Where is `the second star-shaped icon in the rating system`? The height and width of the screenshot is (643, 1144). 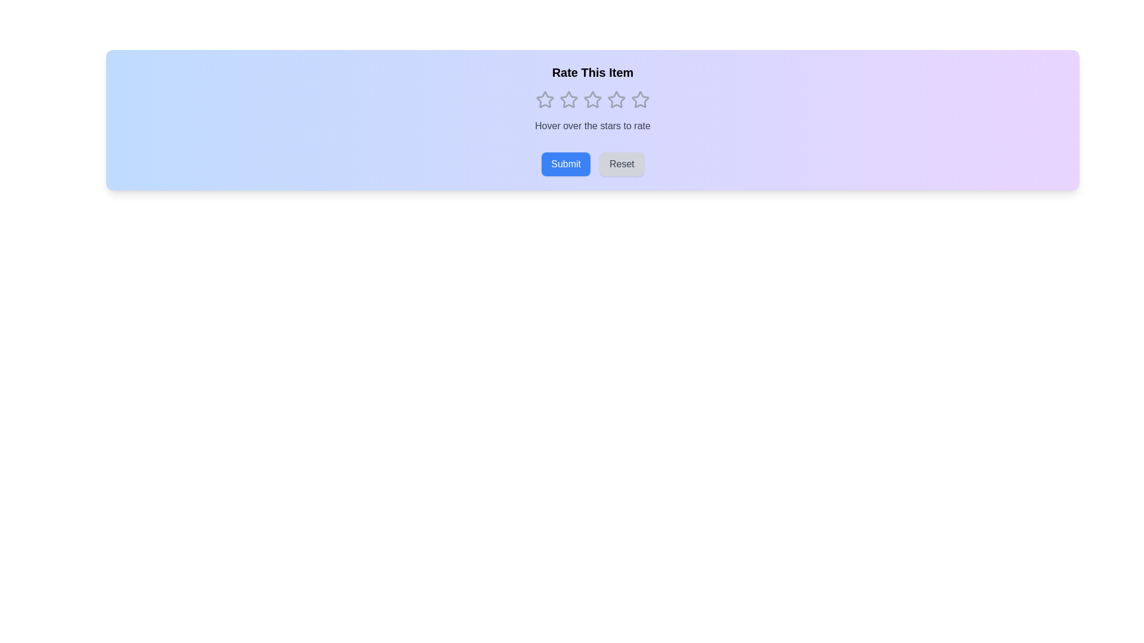
the second star-shaped icon in the rating system is located at coordinates (592, 98).